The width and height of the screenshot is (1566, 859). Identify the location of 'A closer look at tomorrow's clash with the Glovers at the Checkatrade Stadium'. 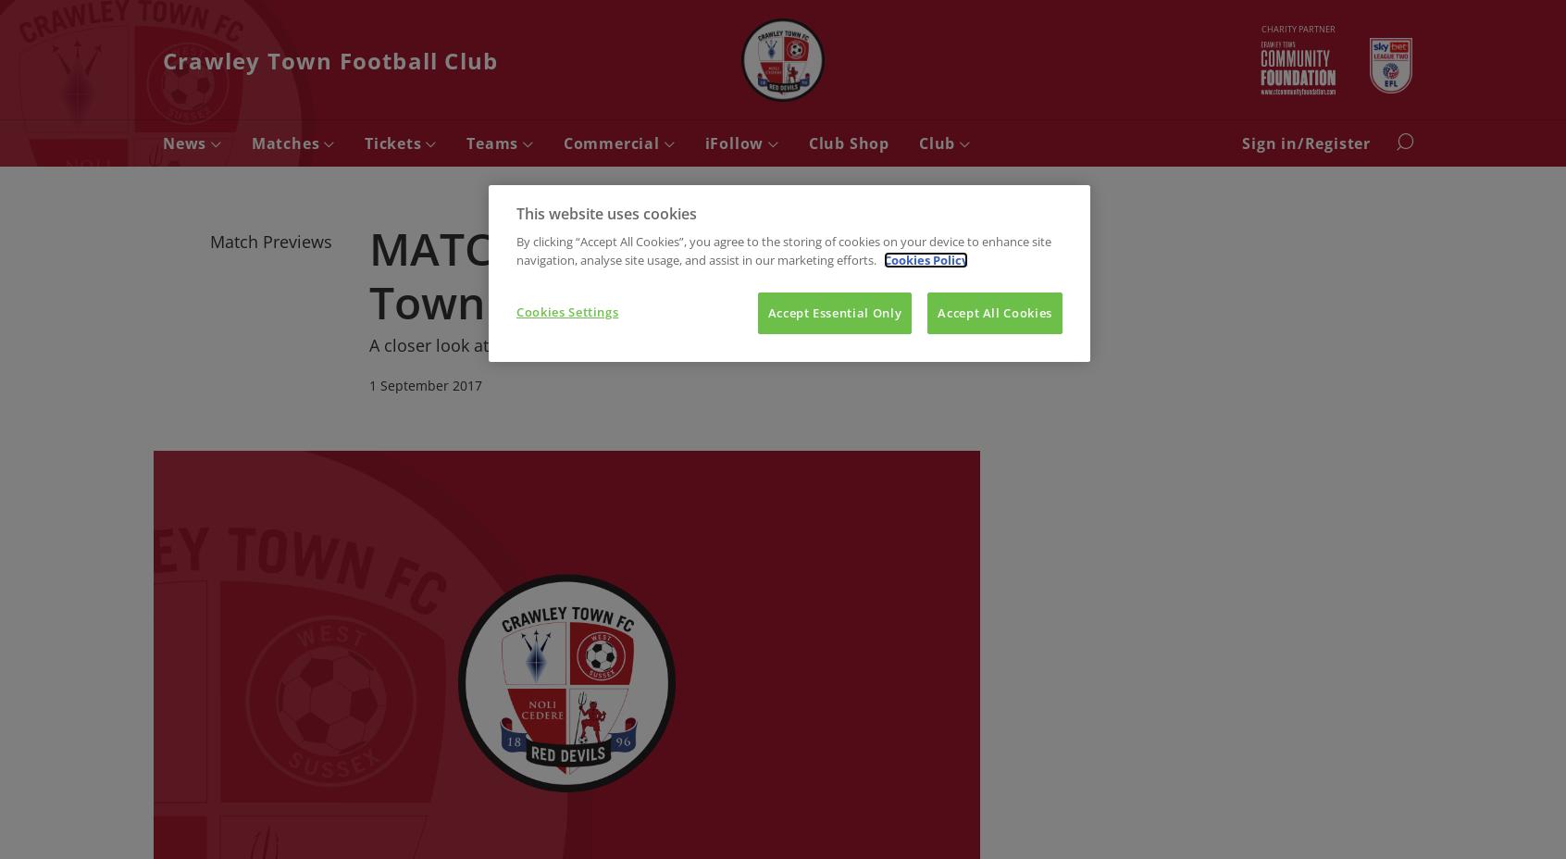
(673, 344).